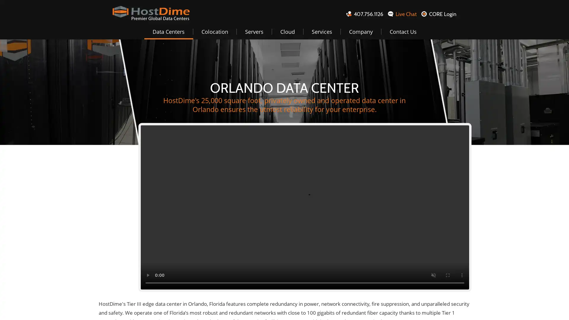  I want to click on enter full screen, so click(448, 275).